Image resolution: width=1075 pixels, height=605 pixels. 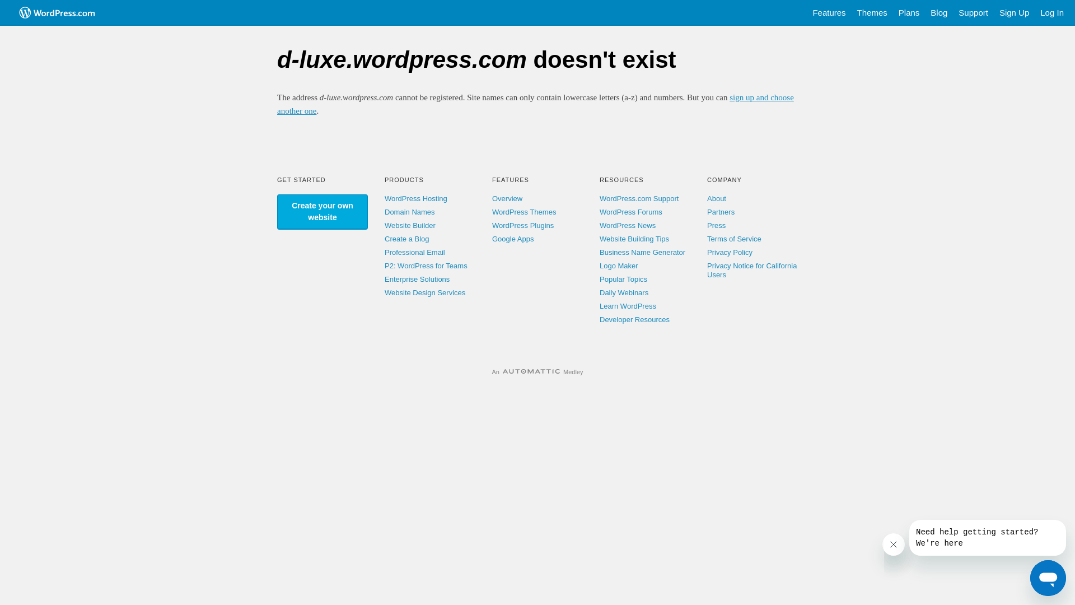 What do you see at coordinates (881, 544) in the screenshot?
I see `'Close message'` at bounding box center [881, 544].